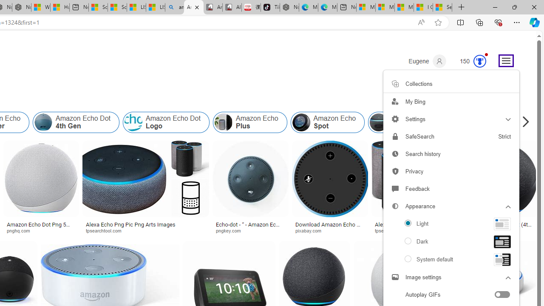 The height and width of the screenshot is (306, 544). I want to click on 'Search history', so click(451, 154).